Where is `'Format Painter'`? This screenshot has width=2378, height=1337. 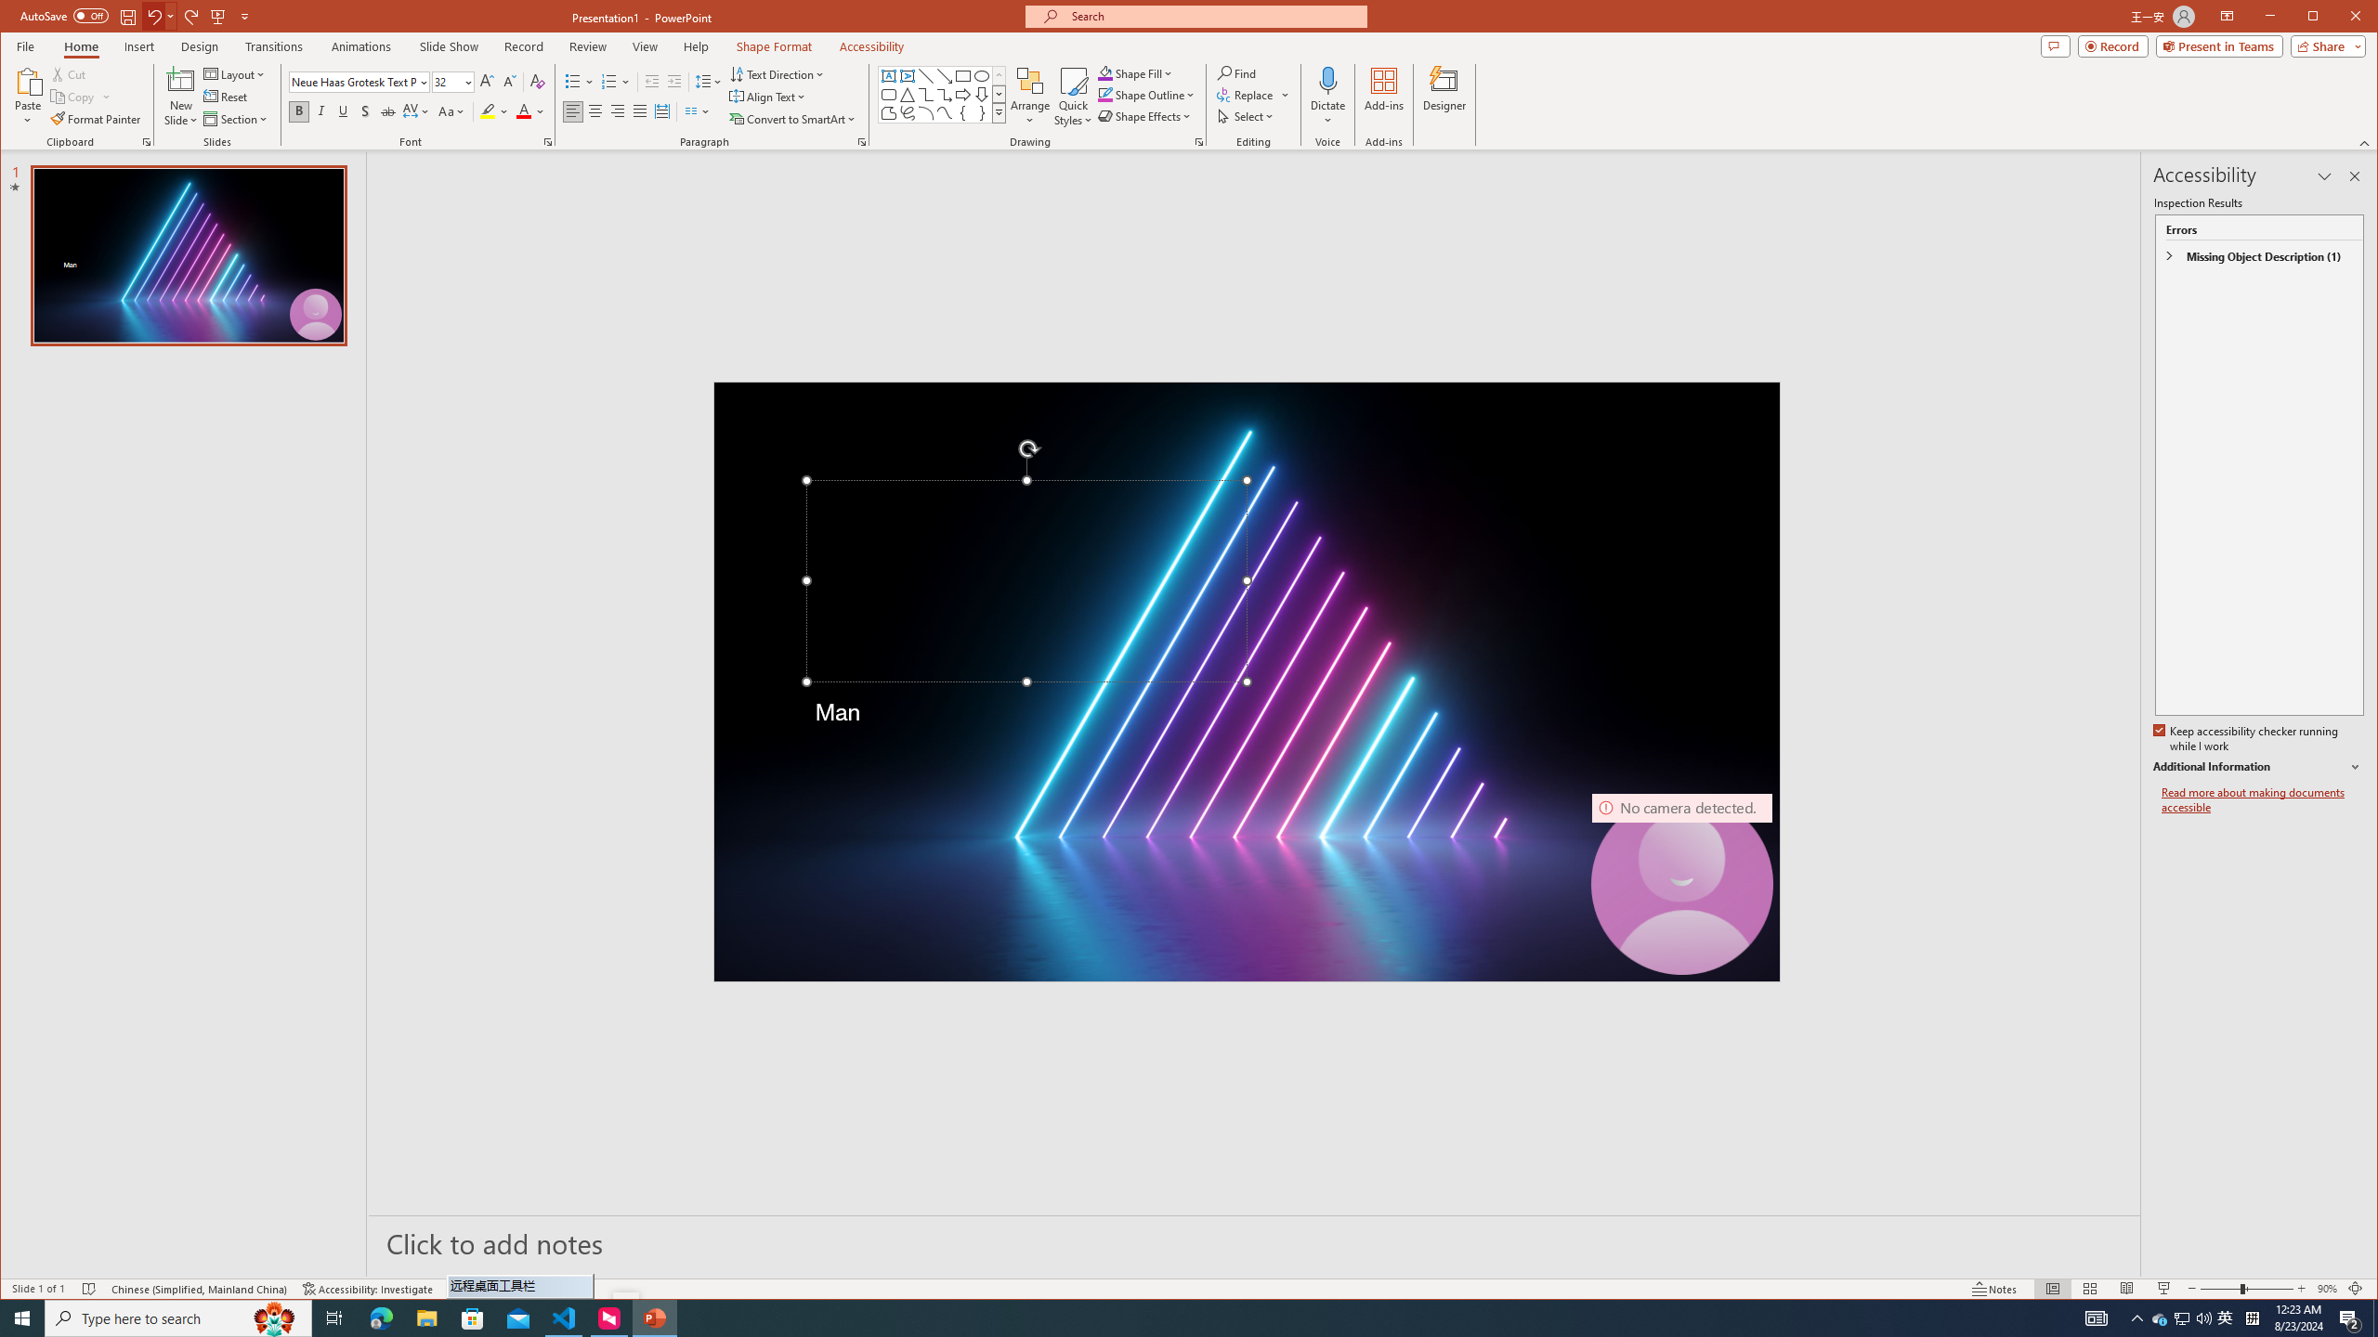
'Format Painter' is located at coordinates (96, 118).